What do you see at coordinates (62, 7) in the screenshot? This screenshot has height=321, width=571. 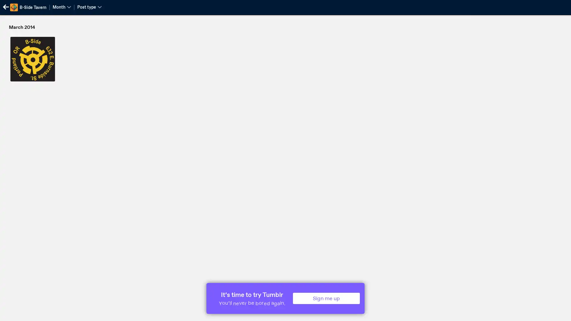 I see `Month` at bounding box center [62, 7].